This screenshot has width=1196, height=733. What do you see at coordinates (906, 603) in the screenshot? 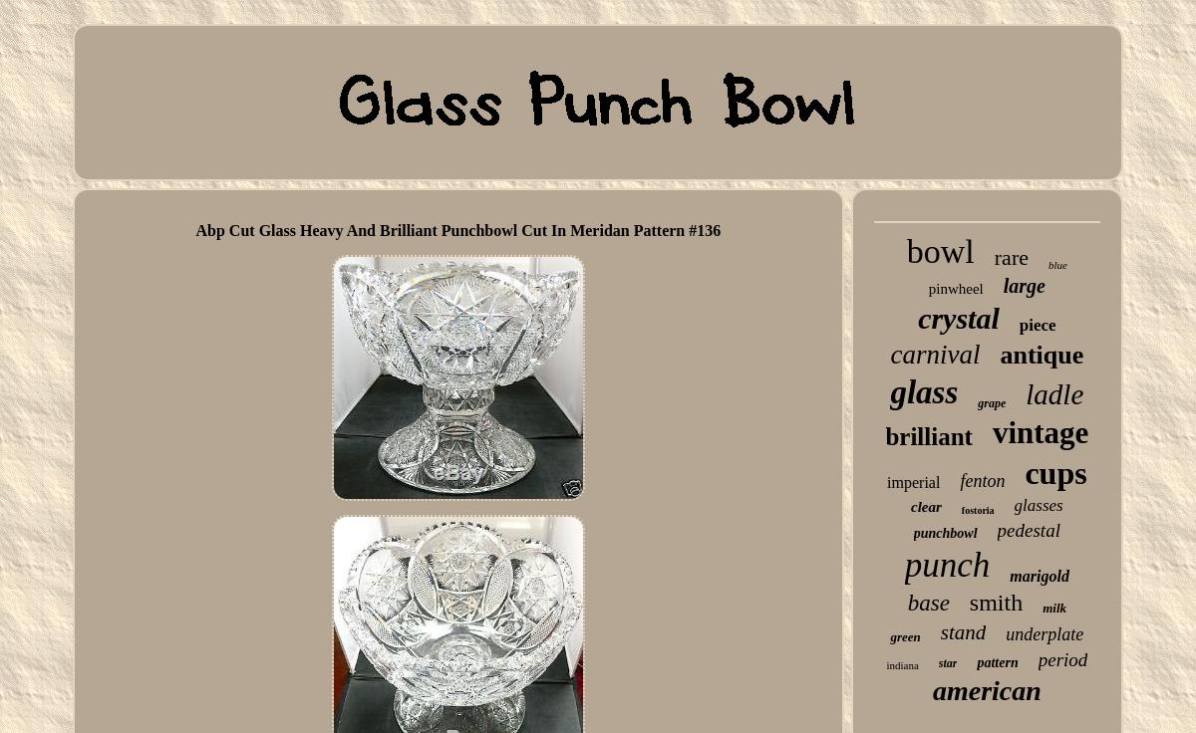
I see `'base'` at bounding box center [906, 603].